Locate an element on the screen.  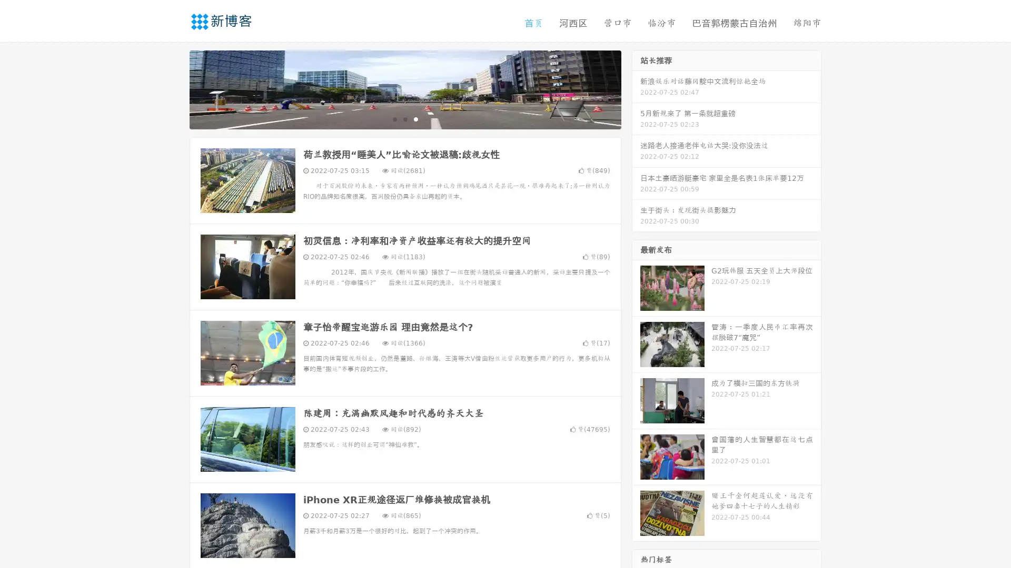
Go to slide 3 is located at coordinates (415, 118).